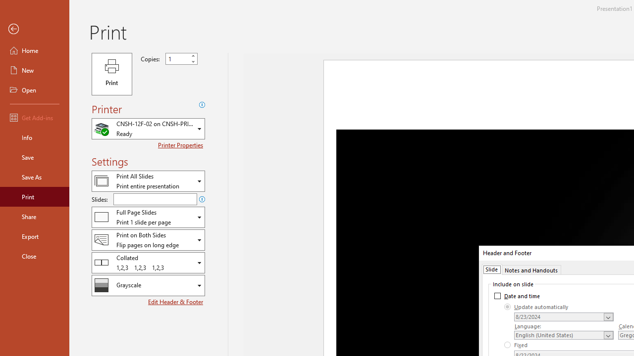 This screenshot has width=634, height=356. What do you see at coordinates (193, 61) in the screenshot?
I see `'Less'` at bounding box center [193, 61].